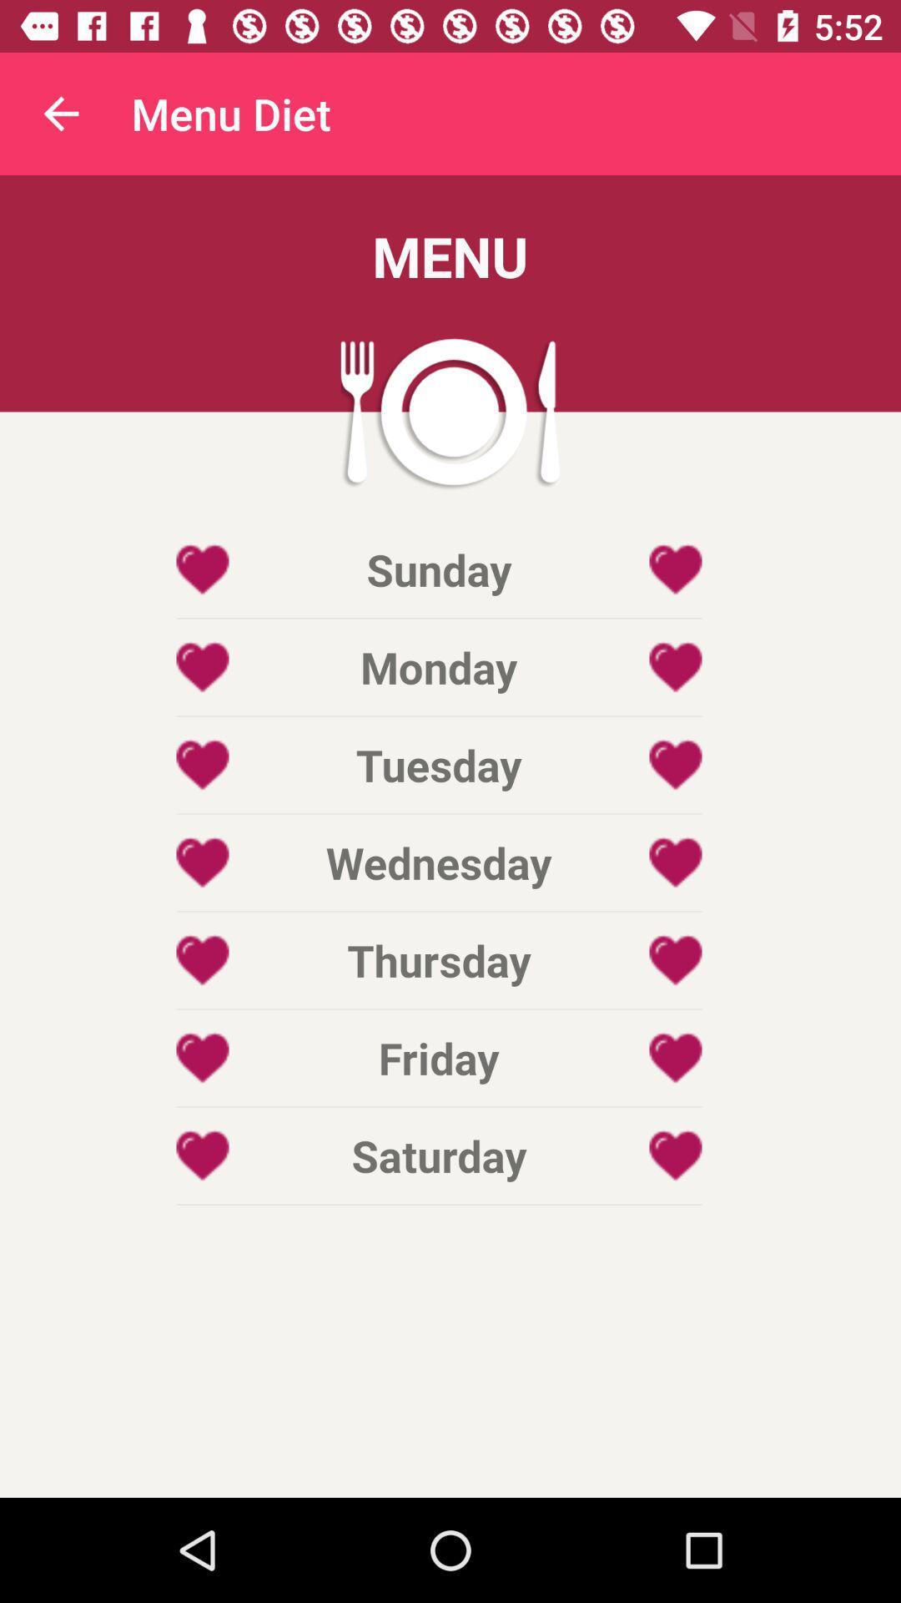 This screenshot has width=901, height=1603. What do you see at coordinates (438, 1155) in the screenshot?
I see `saturday item` at bounding box center [438, 1155].